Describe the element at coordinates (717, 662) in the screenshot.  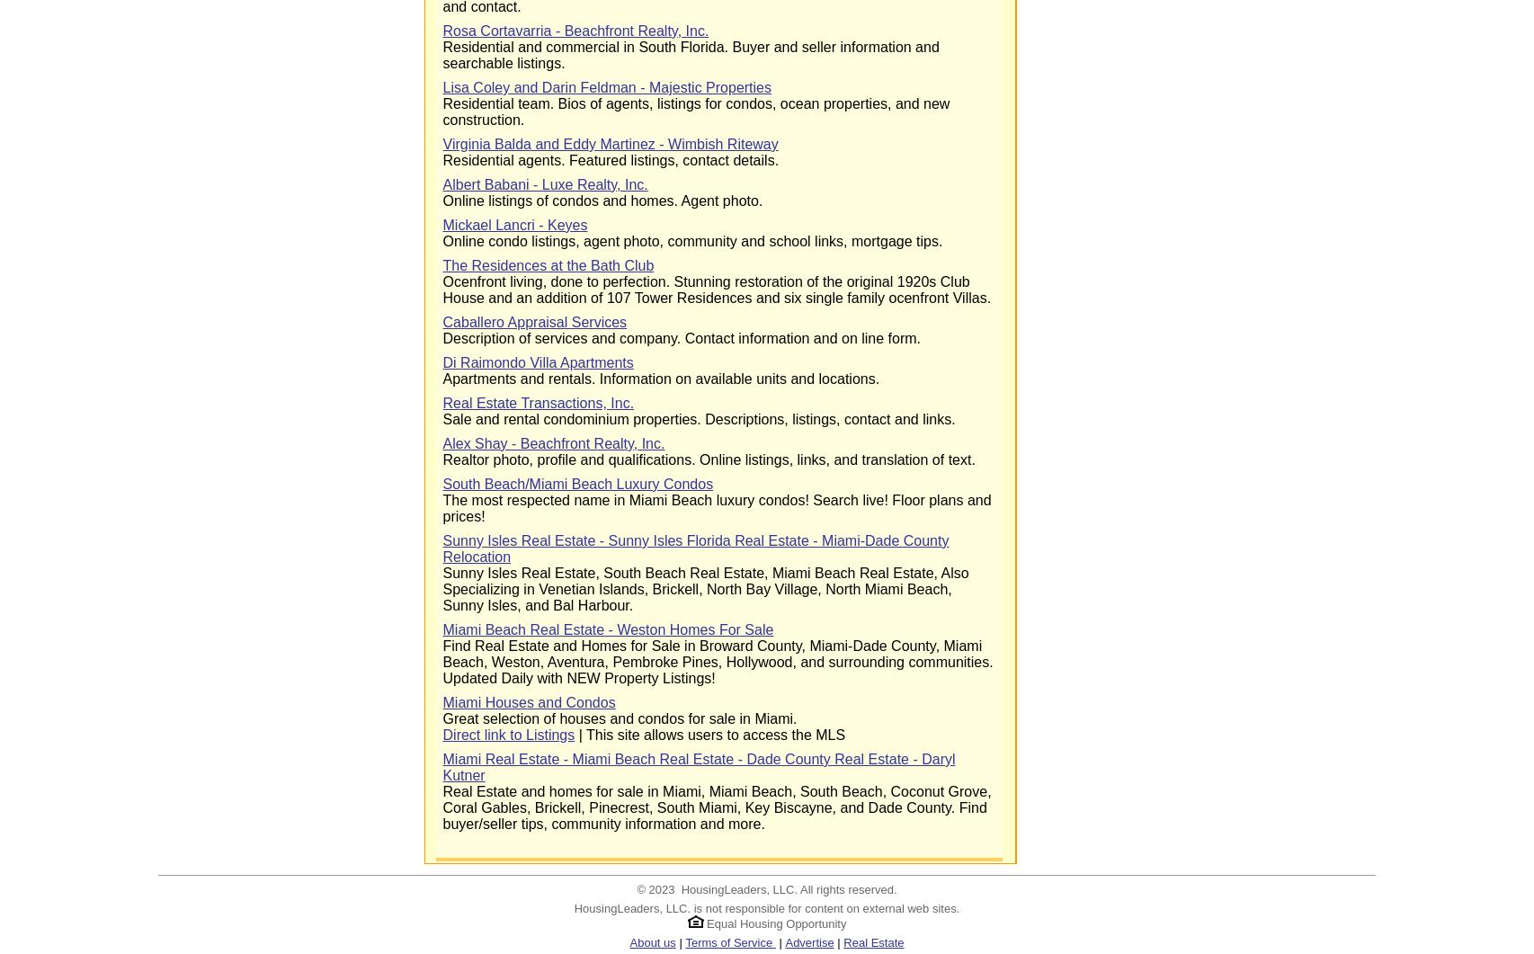
I see `'Find Real Estate and Homes for Sale in Broward County, Miami-Dade County, Miami Beach, Weston, Aventura, Pembroke Pines, Hollywood, and surrounding communities.  Updated Daily with NEW Property Listings!'` at that location.